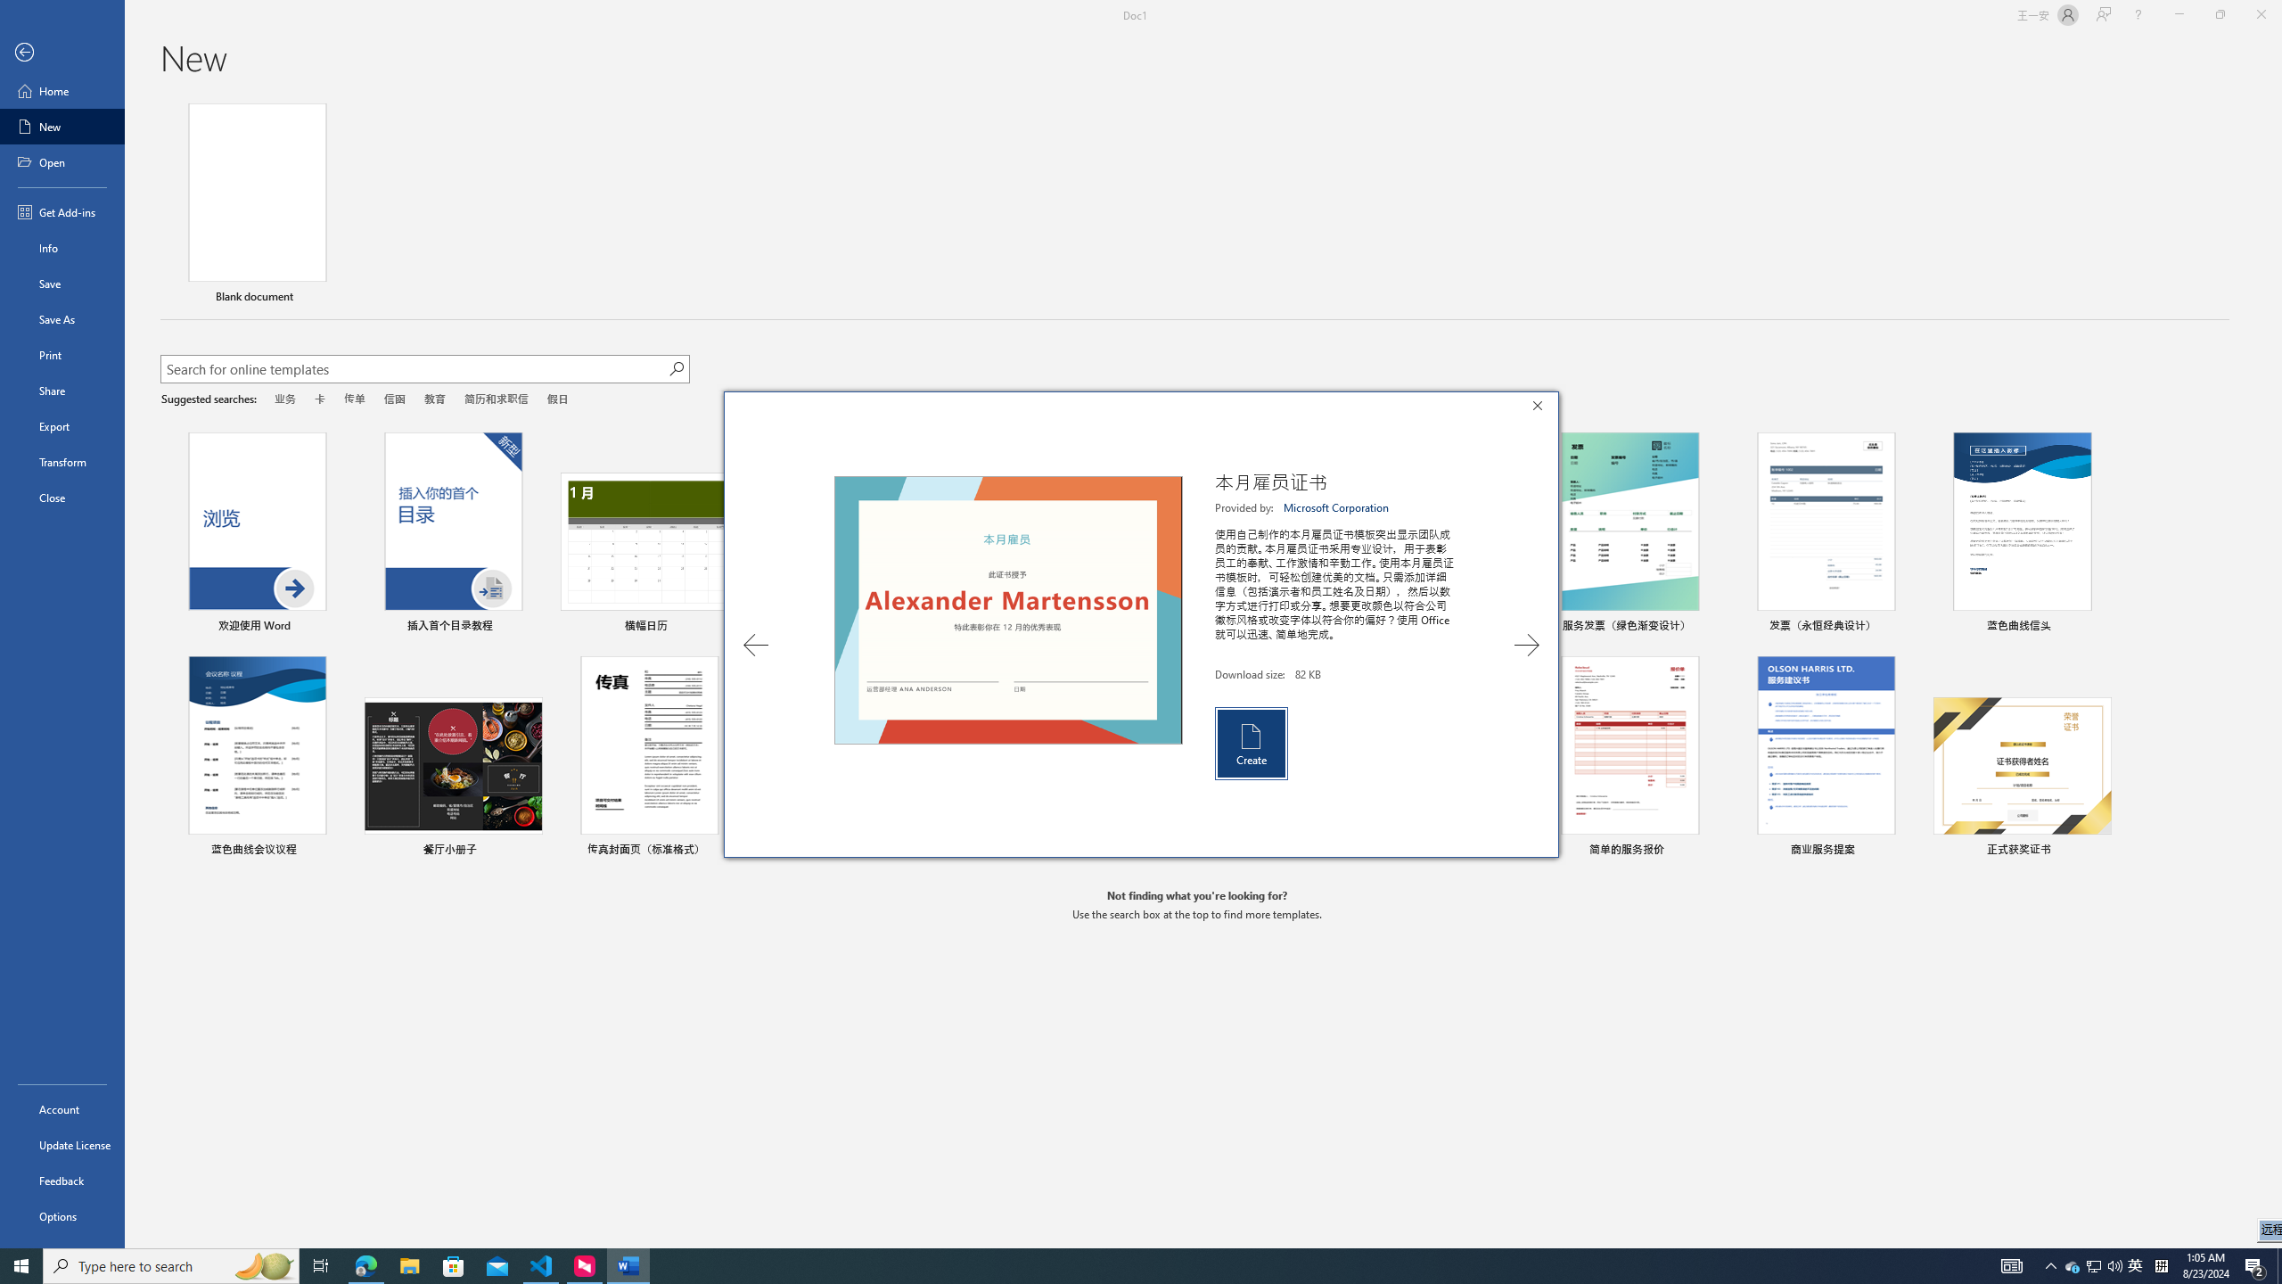 The image size is (2282, 1284). What do you see at coordinates (2161, 1264) in the screenshot?
I see `'Tray Input Indicator - Chinese (Simplified, China)'` at bounding box center [2161, 1264].